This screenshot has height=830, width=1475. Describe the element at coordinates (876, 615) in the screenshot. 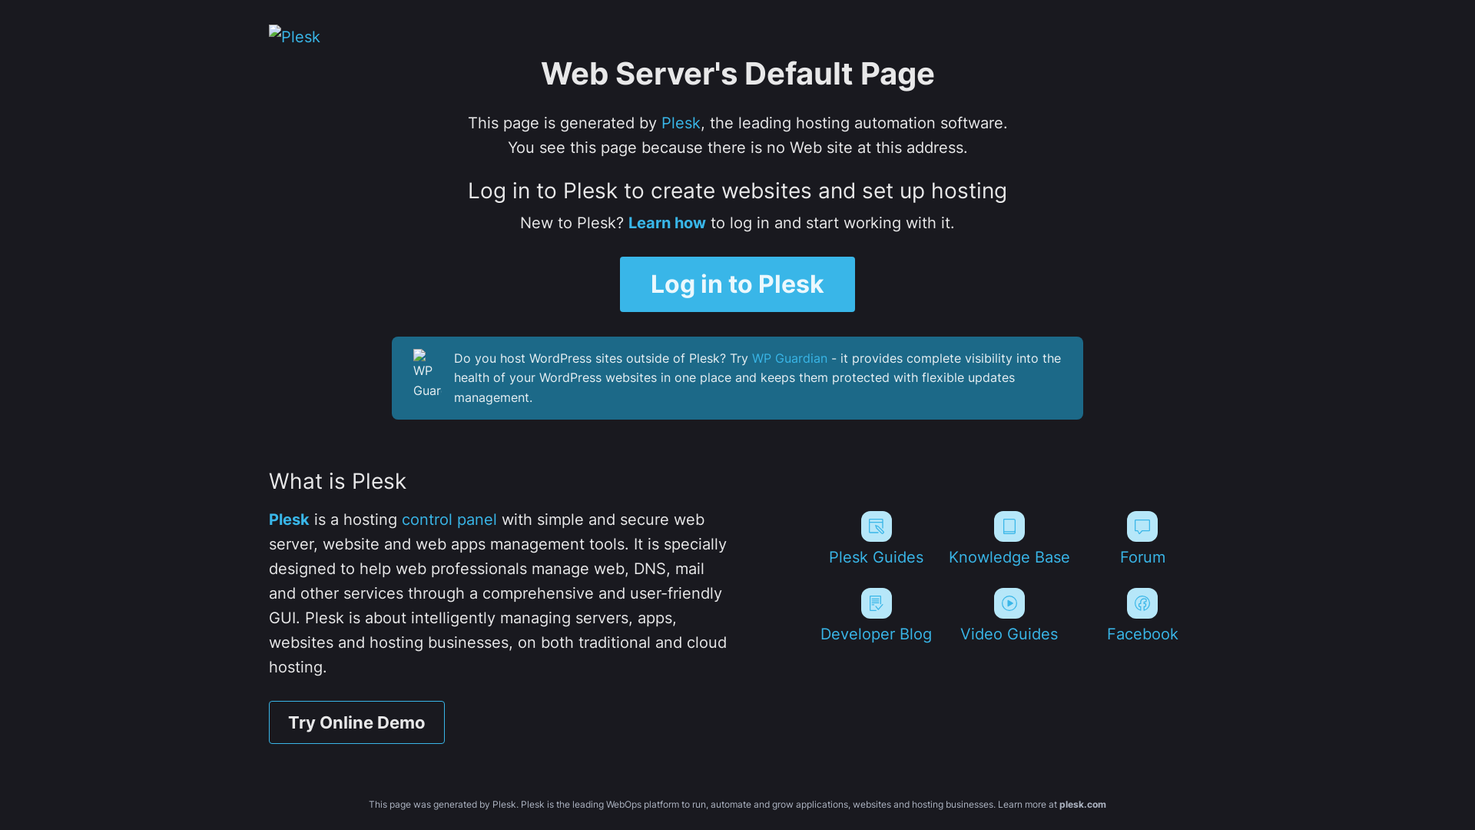

I see `'Developer Blog'` at that location.